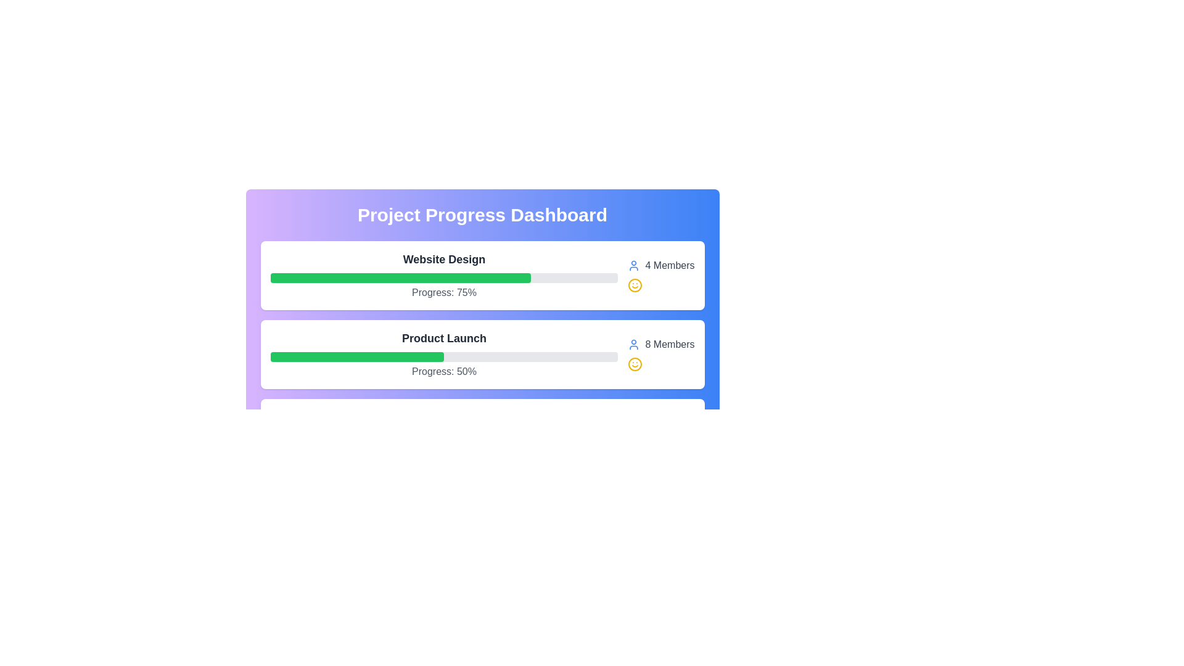  What do you see at coordinates (635, 363) in the screenshot?
I see `the second smiley face icon below the 'Product Launch' progress section` at bounding box center [635, 363].